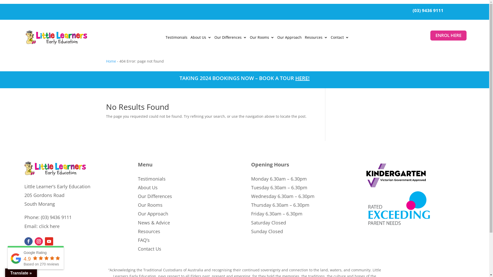  Describe the element at coordinates (28, 241) in the screenshot. I see `'Follow on Facebook'` at that location.